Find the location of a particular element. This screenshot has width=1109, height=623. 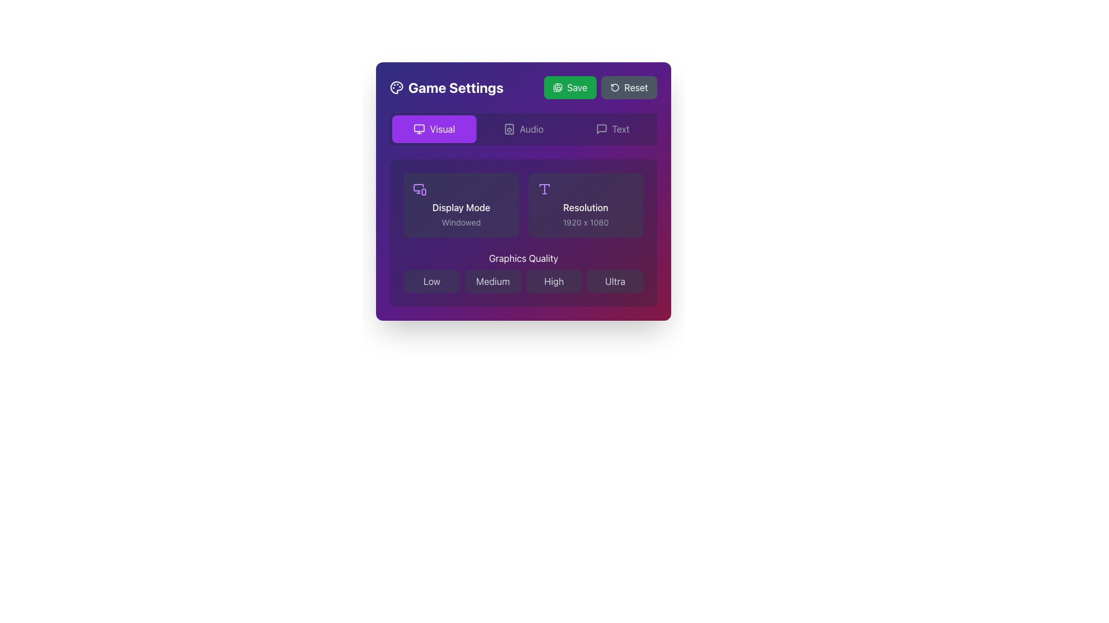

the chat message icon, which is a square with rounded edges located in the 'Text' tab section of the application interface, to the right of the 'Audio' tab icon is located at coordinates (601, 129).